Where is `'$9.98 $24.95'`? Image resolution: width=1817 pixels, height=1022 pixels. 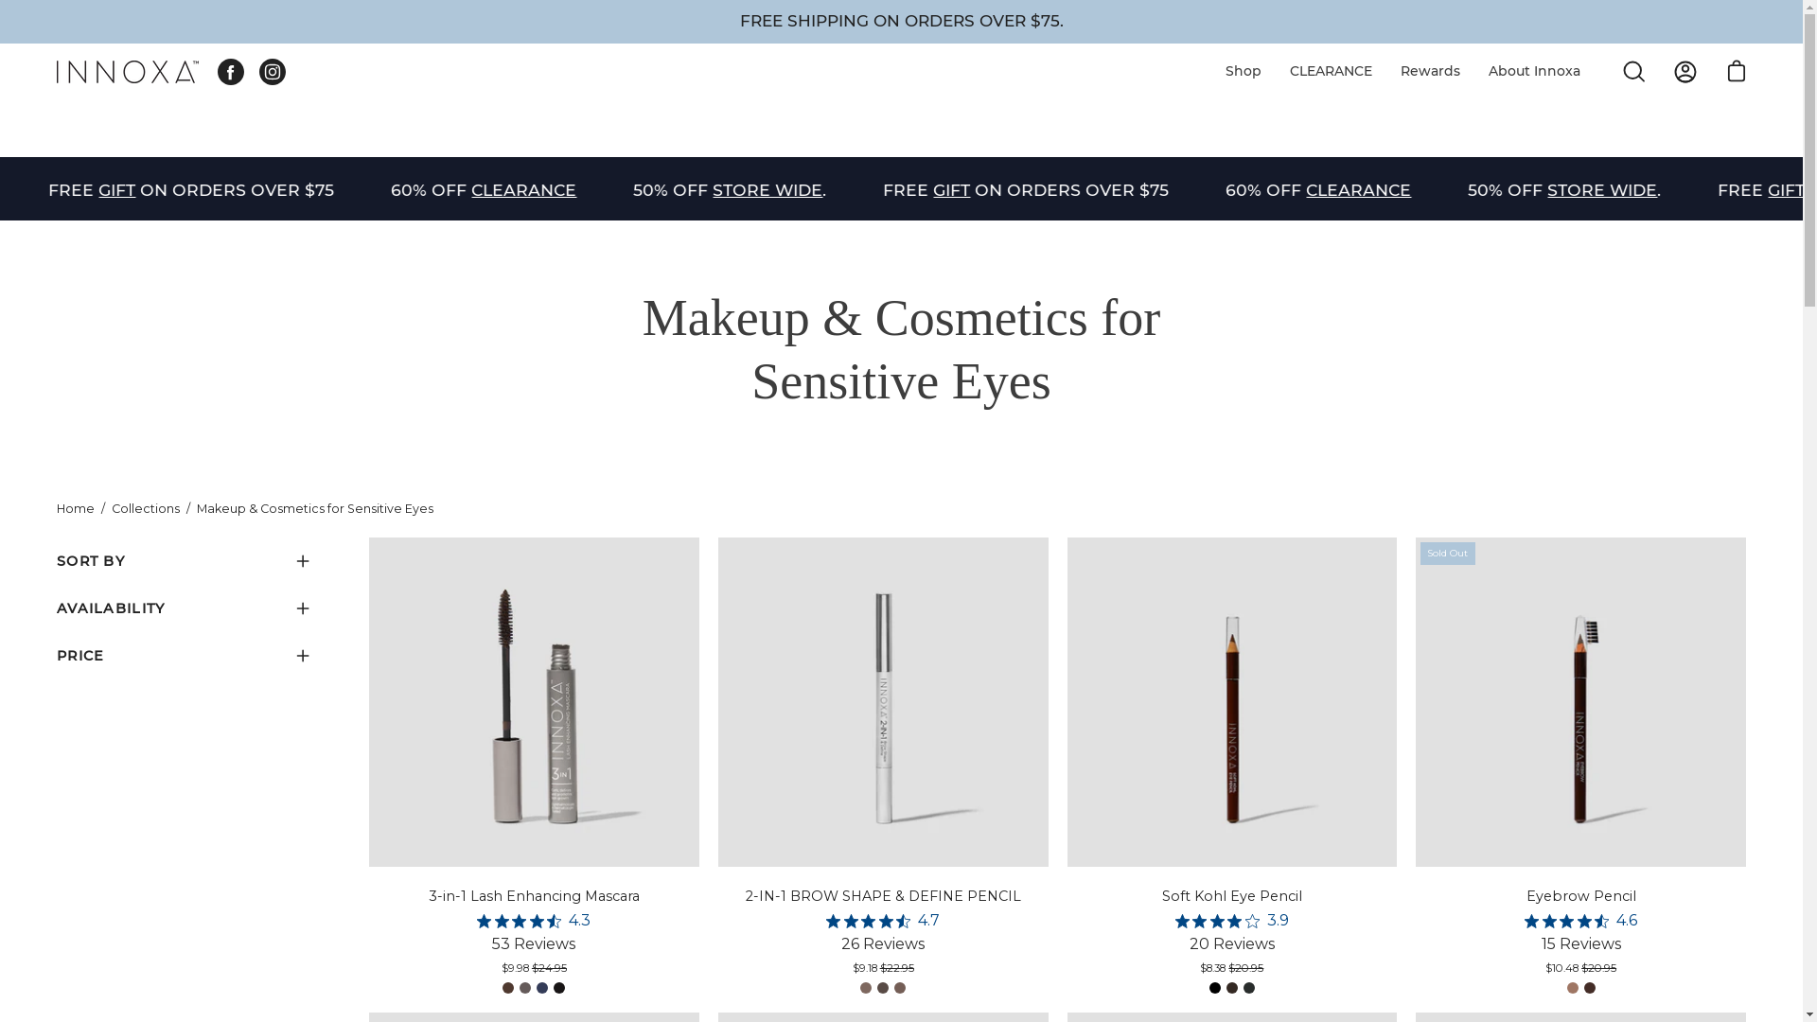
'$9.98 $24.95' is located at coordinates (533, 968).